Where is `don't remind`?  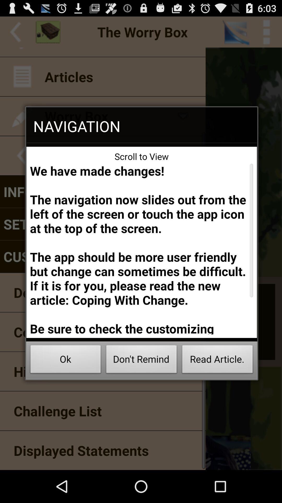
don't remind is located at coordinates (142, 360).